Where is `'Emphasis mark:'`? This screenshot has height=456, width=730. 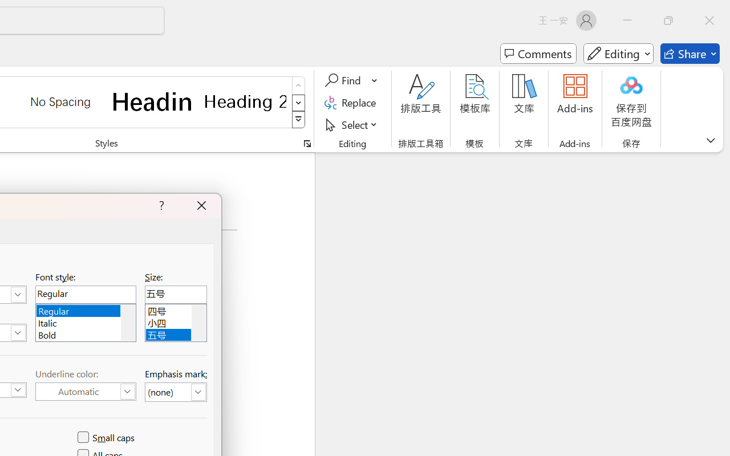
'Emphasis mark:' is located at coordinates (175, 392).